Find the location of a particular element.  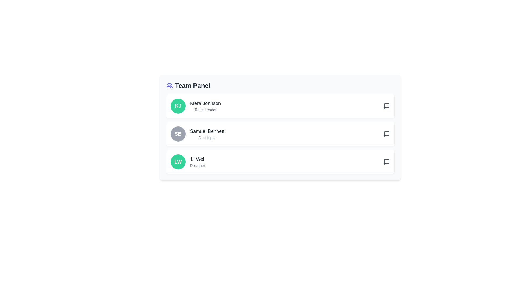

the Profile Card for 'Kiera Johnson', which is the first item in the 'Team Panel' section, featuring a green circular badge with initials 'KJ', the name in bold, and the title 'Team Leader' is located at coordinates (280, 106).